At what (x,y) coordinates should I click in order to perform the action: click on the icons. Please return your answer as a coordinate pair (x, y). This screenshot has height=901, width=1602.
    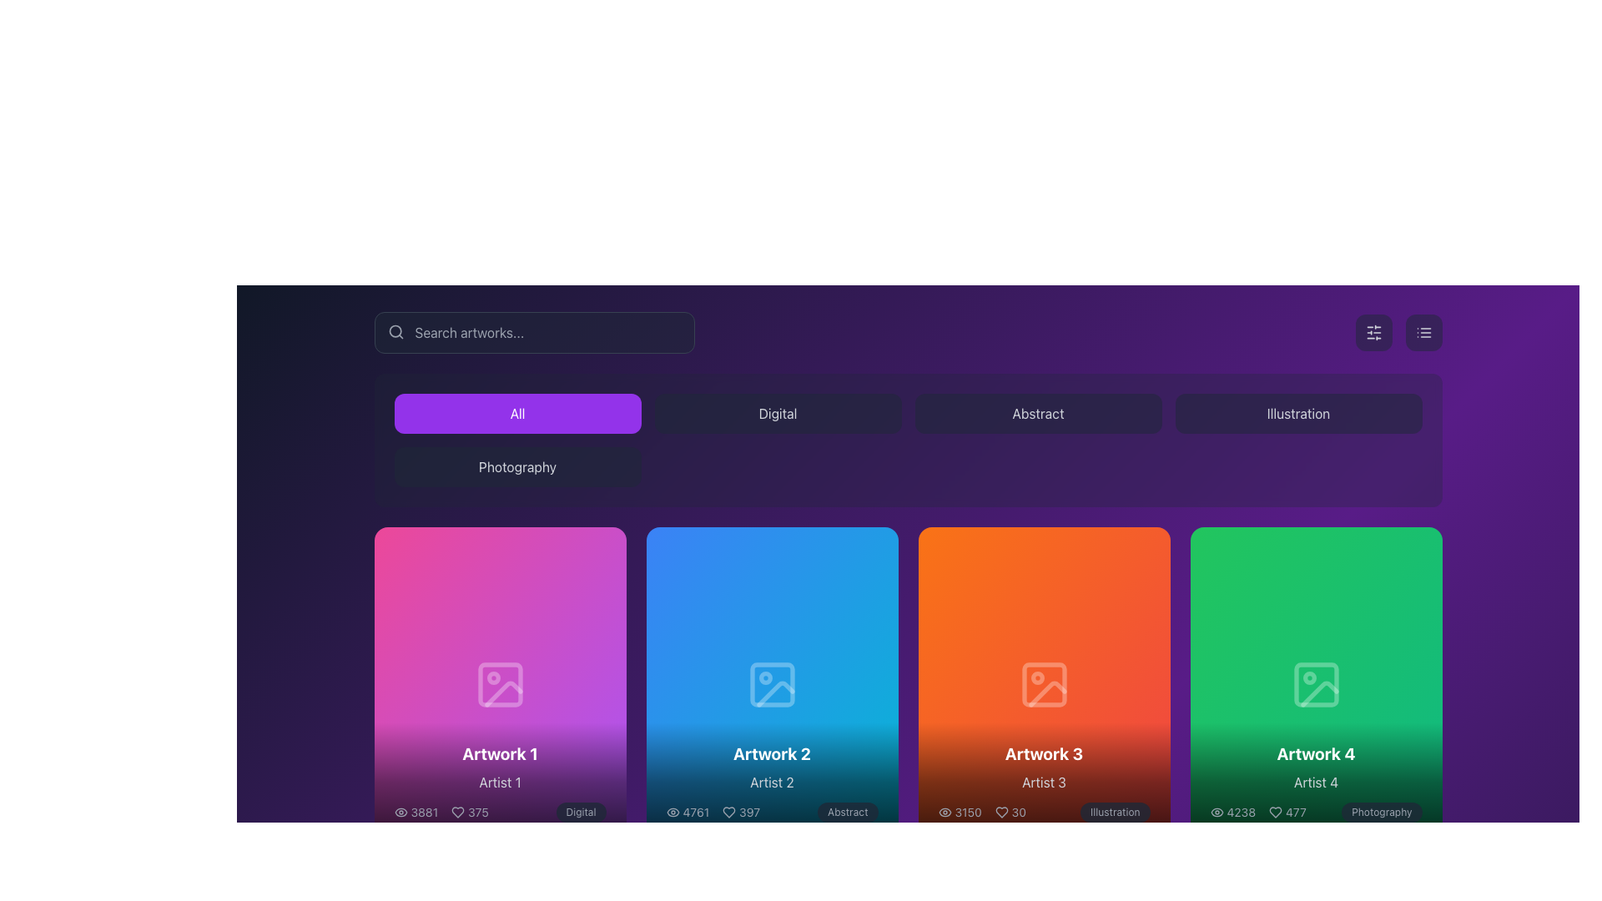
    Looking at the image, I should click on (499, 782).